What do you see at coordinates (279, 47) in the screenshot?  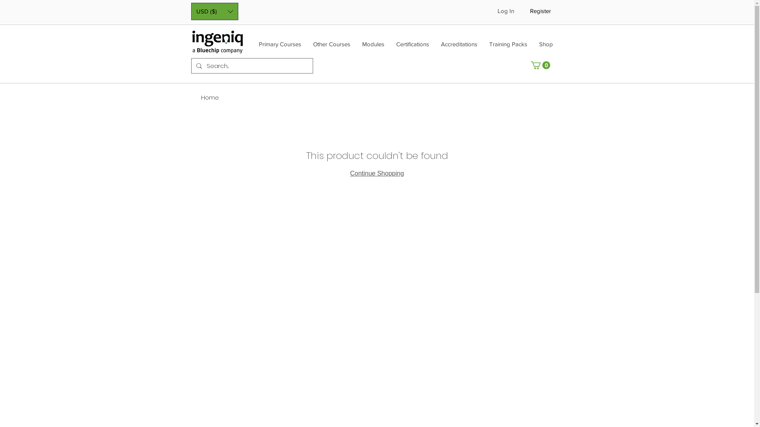 I see `'Primary Courses'` at bounding box center [279, 47].